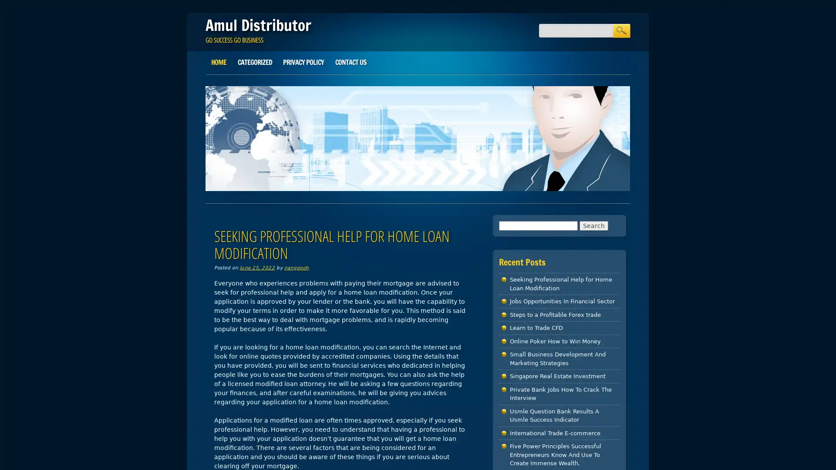  I want to click on Search, so click(593, 225).